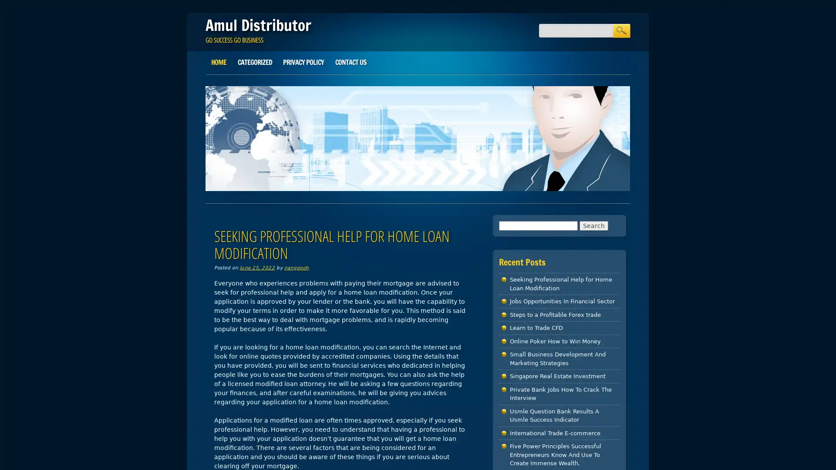  I want to click on Search, so click(593, 225).